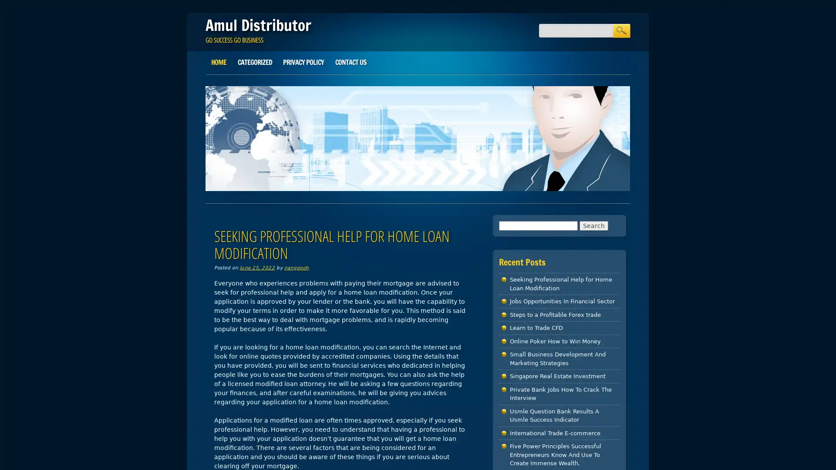  I want to click on Search, so click(593, 225).